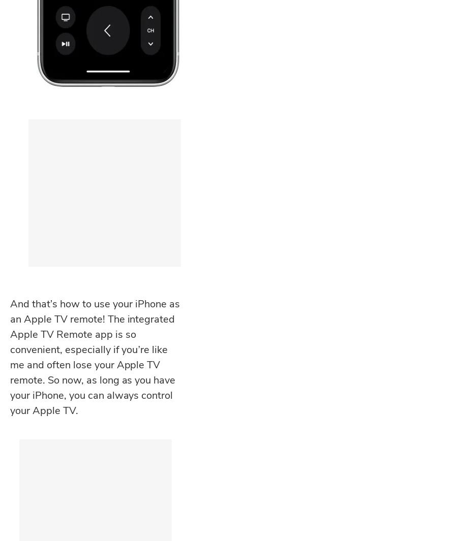  What do you see at coordinates (59, 346) in the screenshot?
I see `'Sign up here'` at bounding box center [59, 346].